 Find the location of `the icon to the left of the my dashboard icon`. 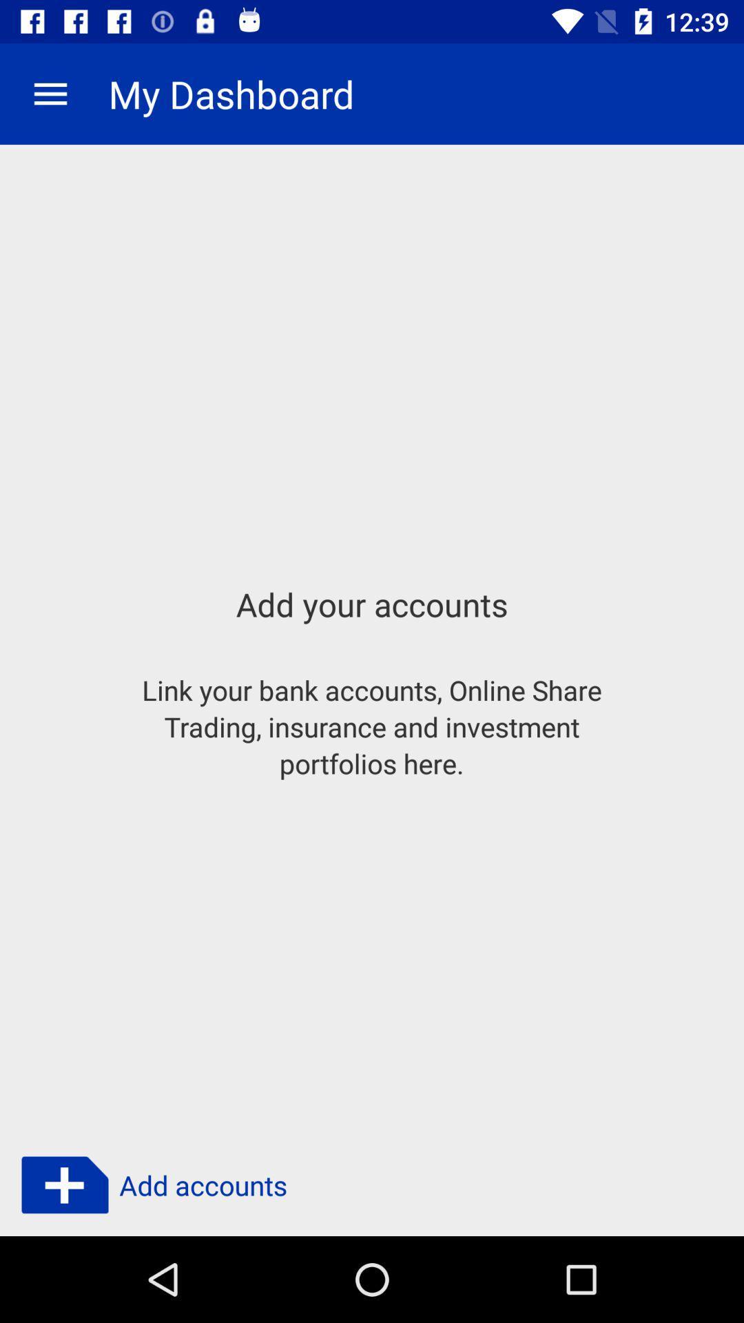

the icon to the left of the my dashboard icon is located at coordinates (50, 93).